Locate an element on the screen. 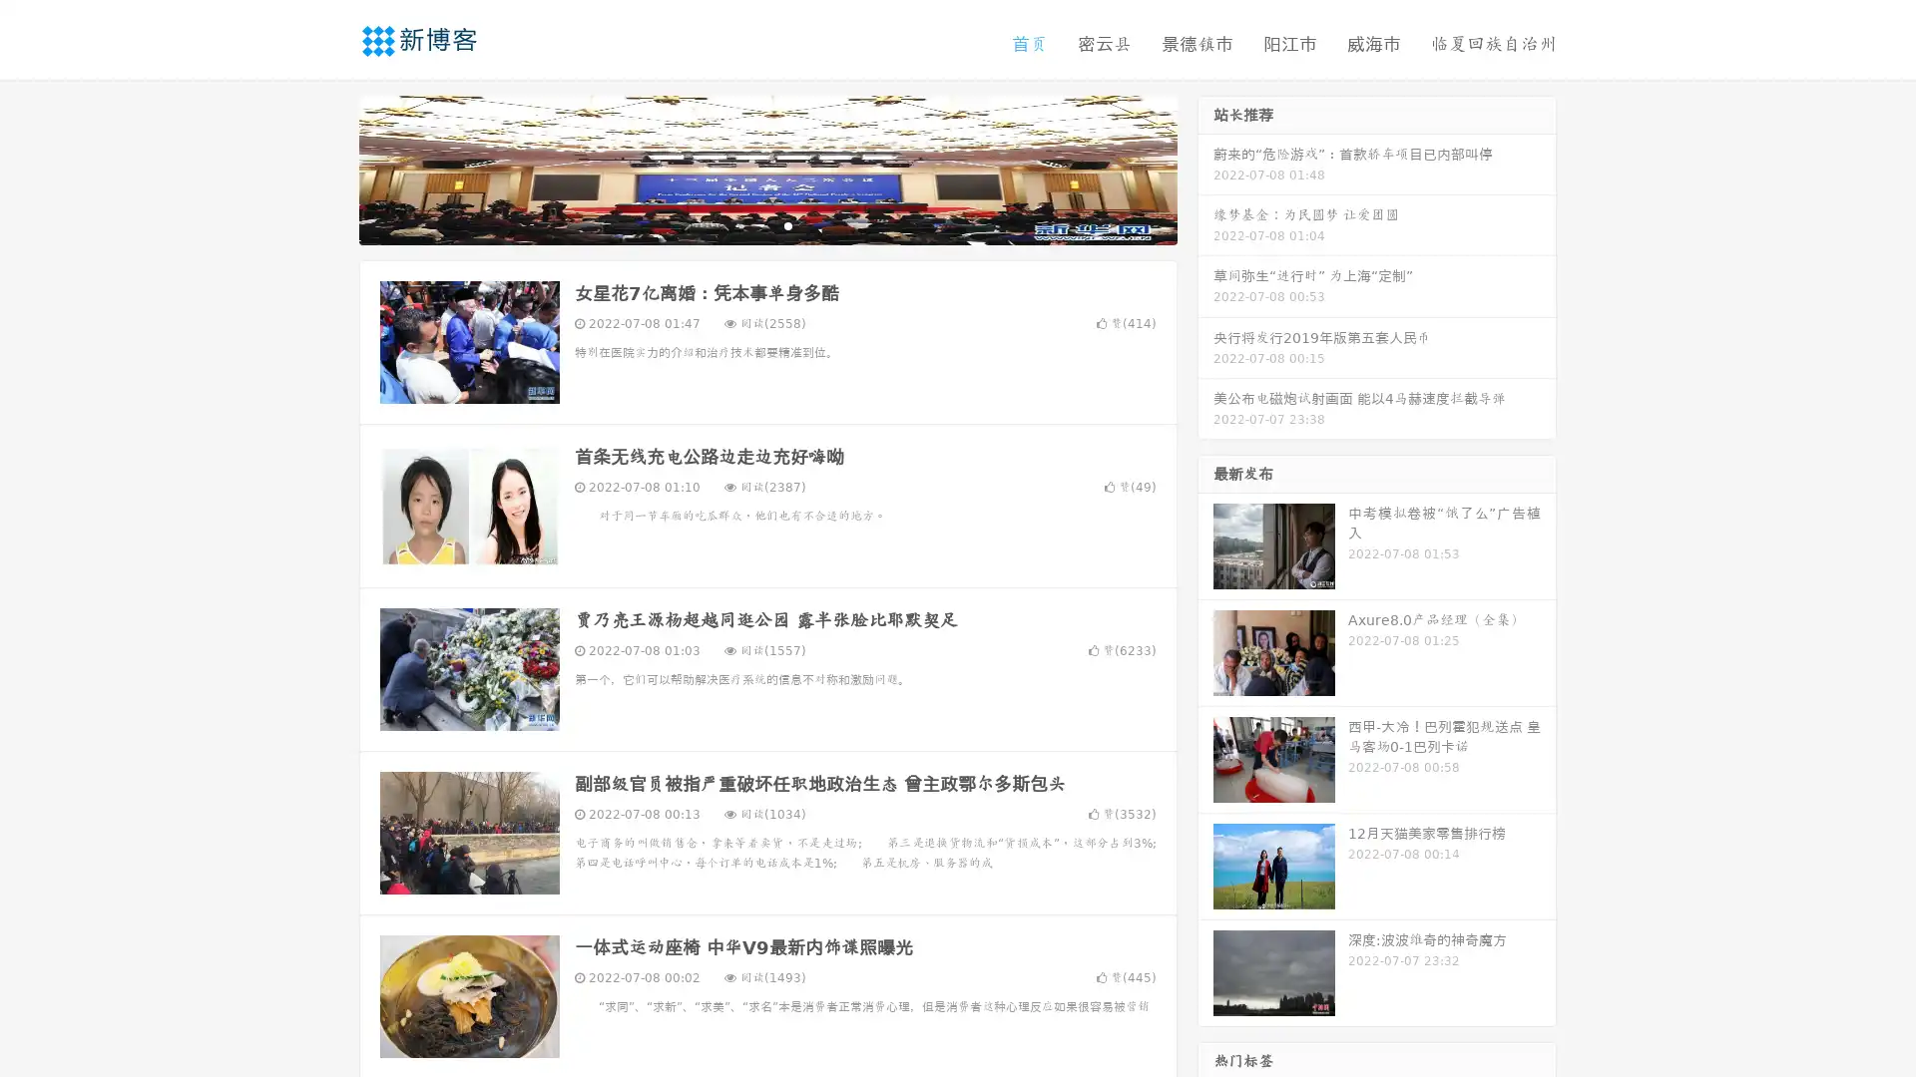  Go to slide 3 is located at coordinates (787, 224).